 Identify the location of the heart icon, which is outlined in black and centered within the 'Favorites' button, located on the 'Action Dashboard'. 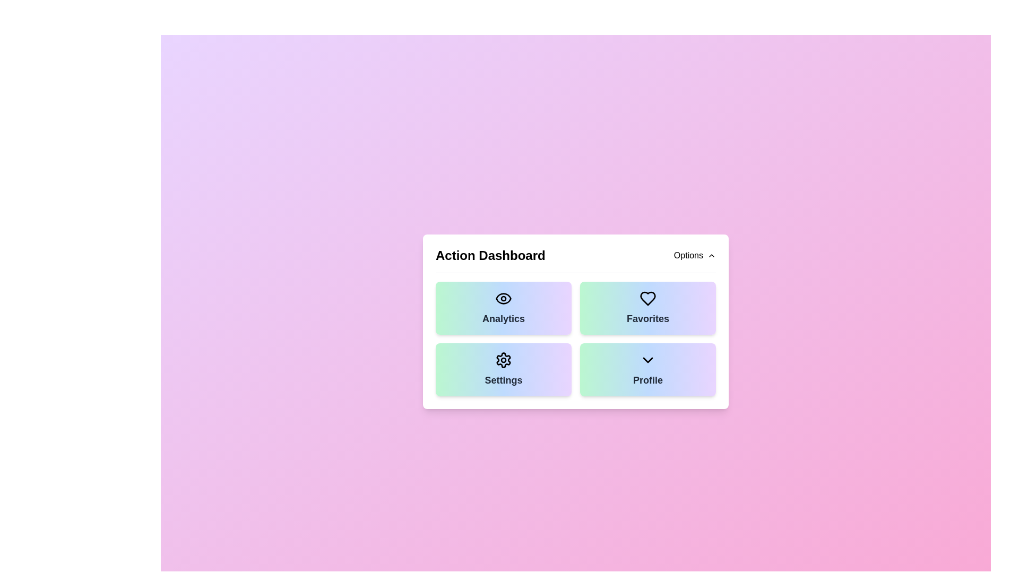
(647, 298).